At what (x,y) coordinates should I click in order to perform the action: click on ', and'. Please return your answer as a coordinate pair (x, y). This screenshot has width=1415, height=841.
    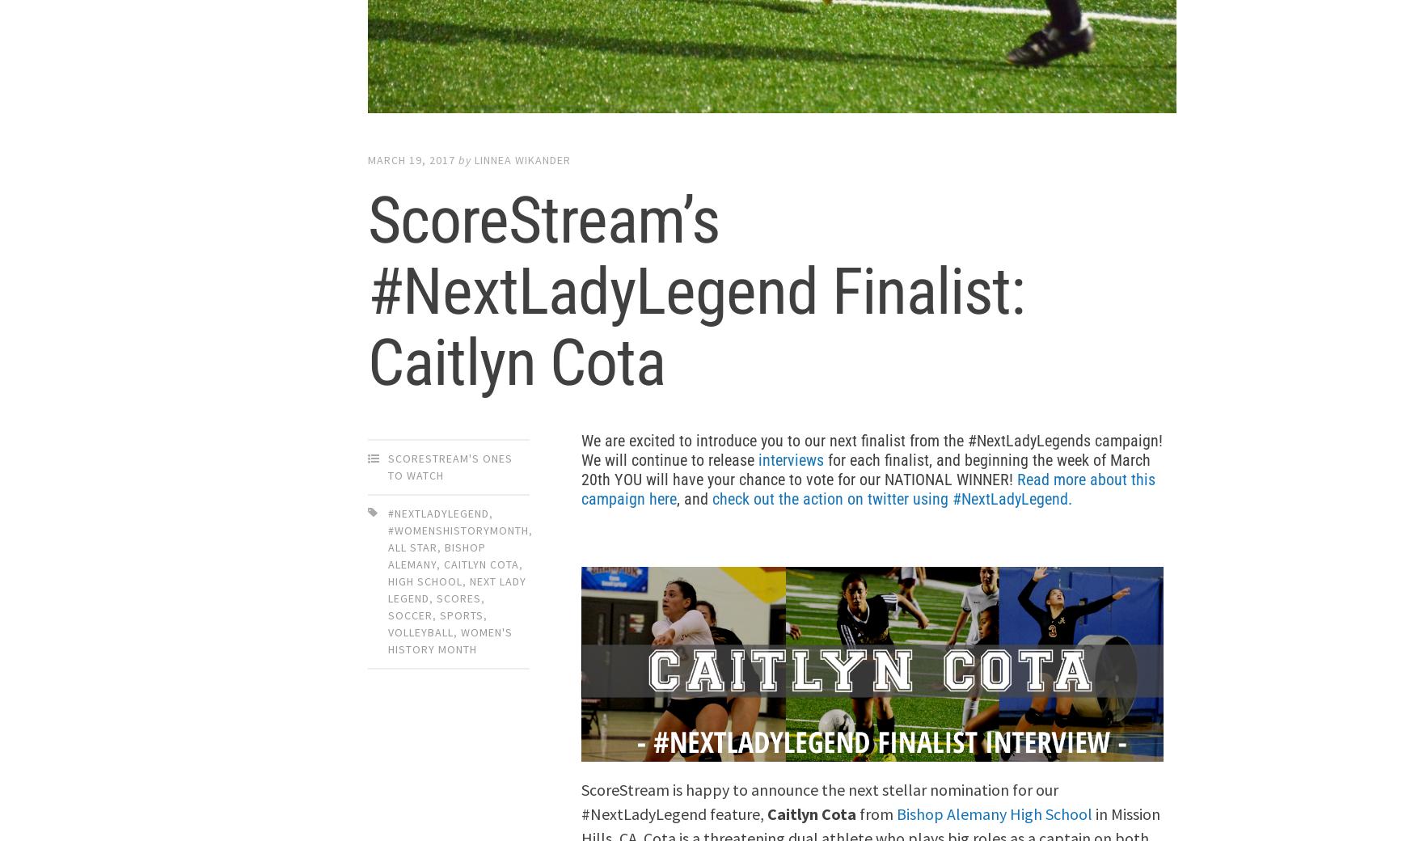
    Looking at the image, I should click on (677, 498).